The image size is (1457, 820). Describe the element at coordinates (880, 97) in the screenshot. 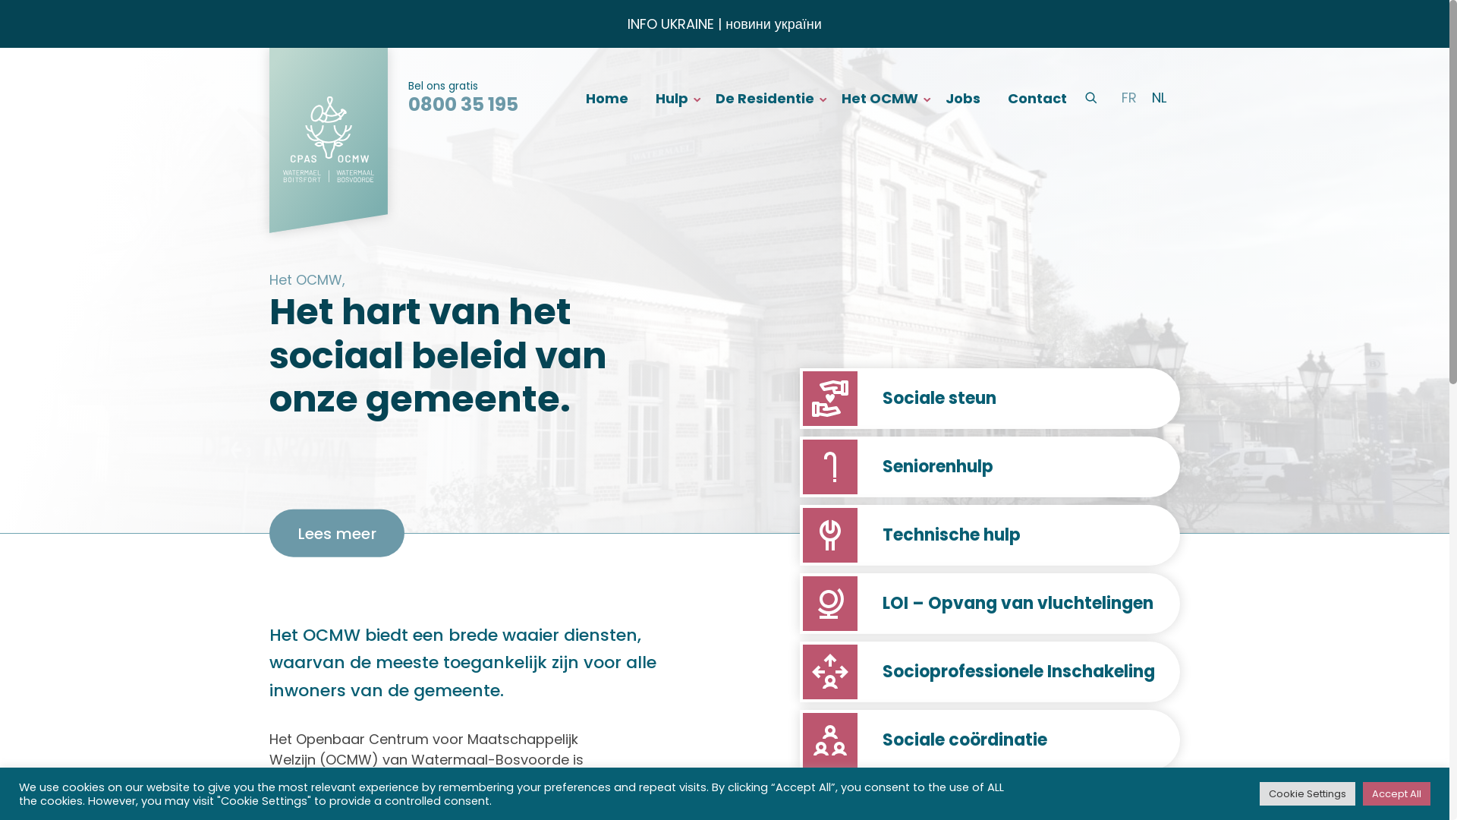

I see `'Het OCMW'` at that location.